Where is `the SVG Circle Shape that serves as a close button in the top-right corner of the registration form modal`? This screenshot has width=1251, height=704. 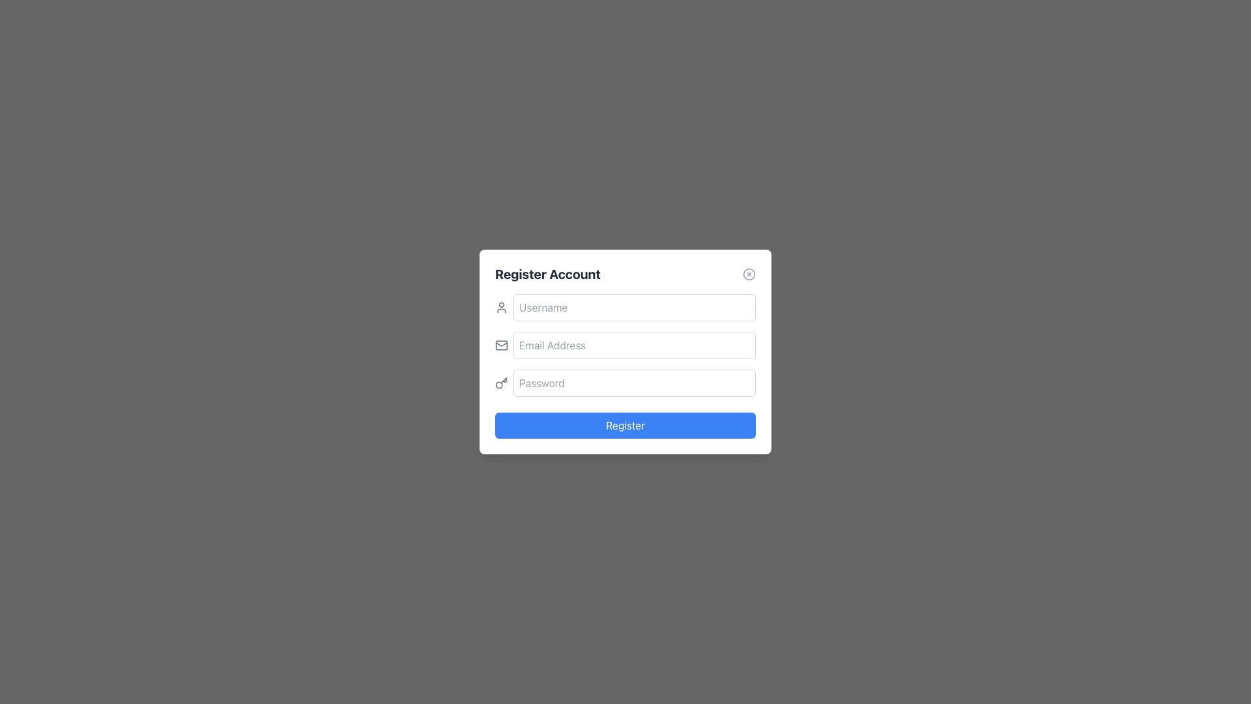
the SVG Circle Shape that serves as a close button in the top-right corner of the registration form modal is located at coordinates (749, 273).